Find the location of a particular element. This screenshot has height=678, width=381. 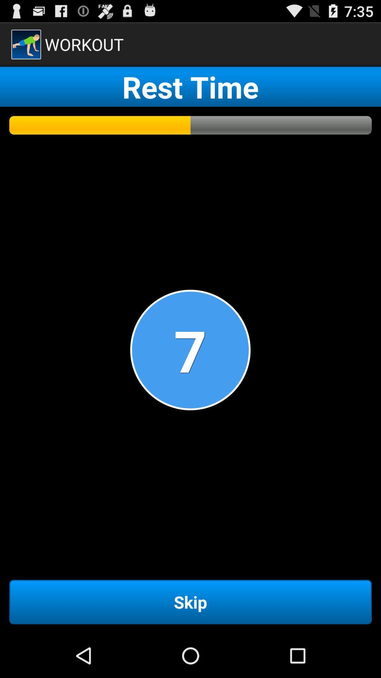

the icon at the bottom is located at coordinates (190, 601).